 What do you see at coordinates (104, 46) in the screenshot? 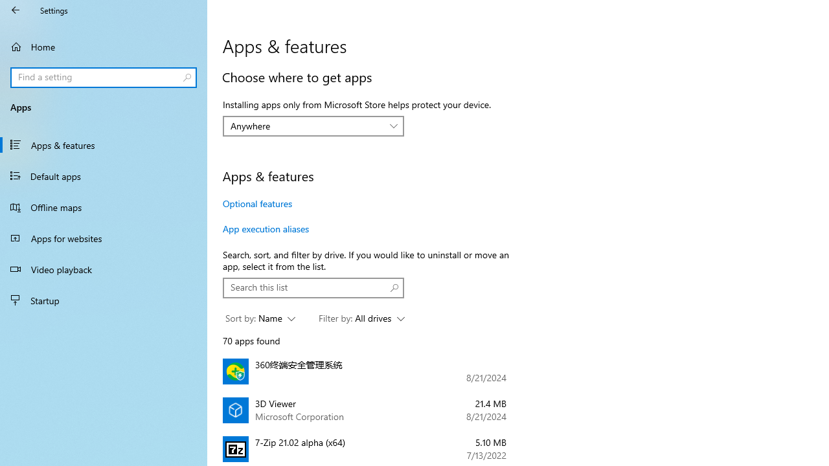
I see `'Home'` at bounding box center [104, 46].